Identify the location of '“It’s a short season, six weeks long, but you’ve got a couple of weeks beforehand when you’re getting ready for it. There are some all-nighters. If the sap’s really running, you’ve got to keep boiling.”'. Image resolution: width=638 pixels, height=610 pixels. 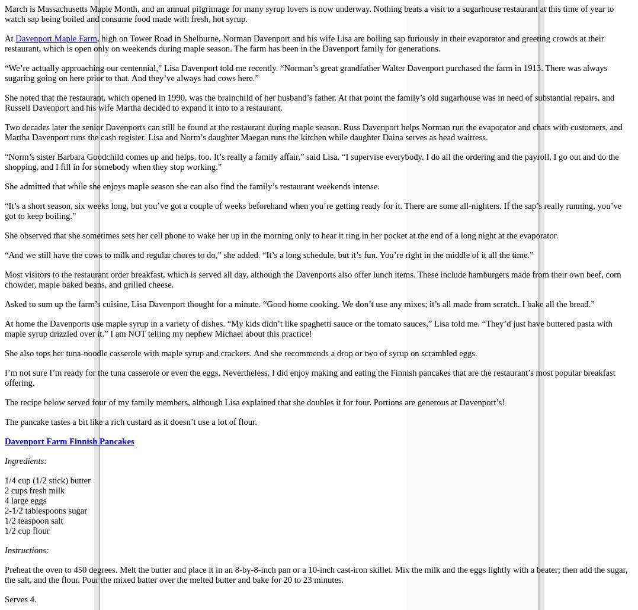
(312, 210).